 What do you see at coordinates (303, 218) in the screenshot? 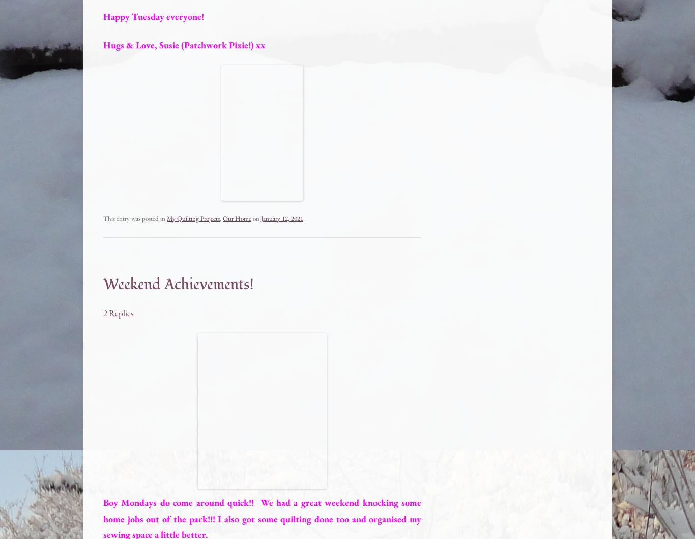
I see `'.'` at bounding box center [303, 218].